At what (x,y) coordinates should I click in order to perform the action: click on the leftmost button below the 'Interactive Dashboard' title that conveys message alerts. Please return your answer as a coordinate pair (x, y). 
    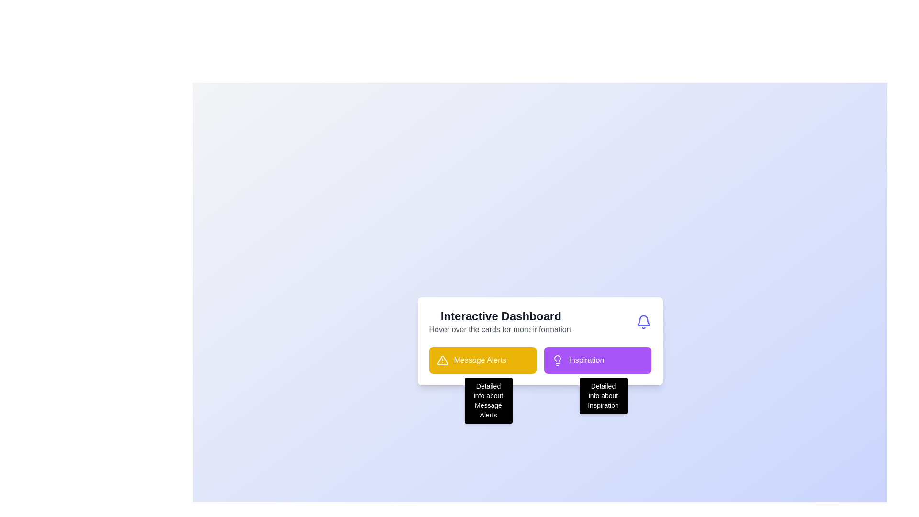
    Looking at the image, I should click on (482, 360).